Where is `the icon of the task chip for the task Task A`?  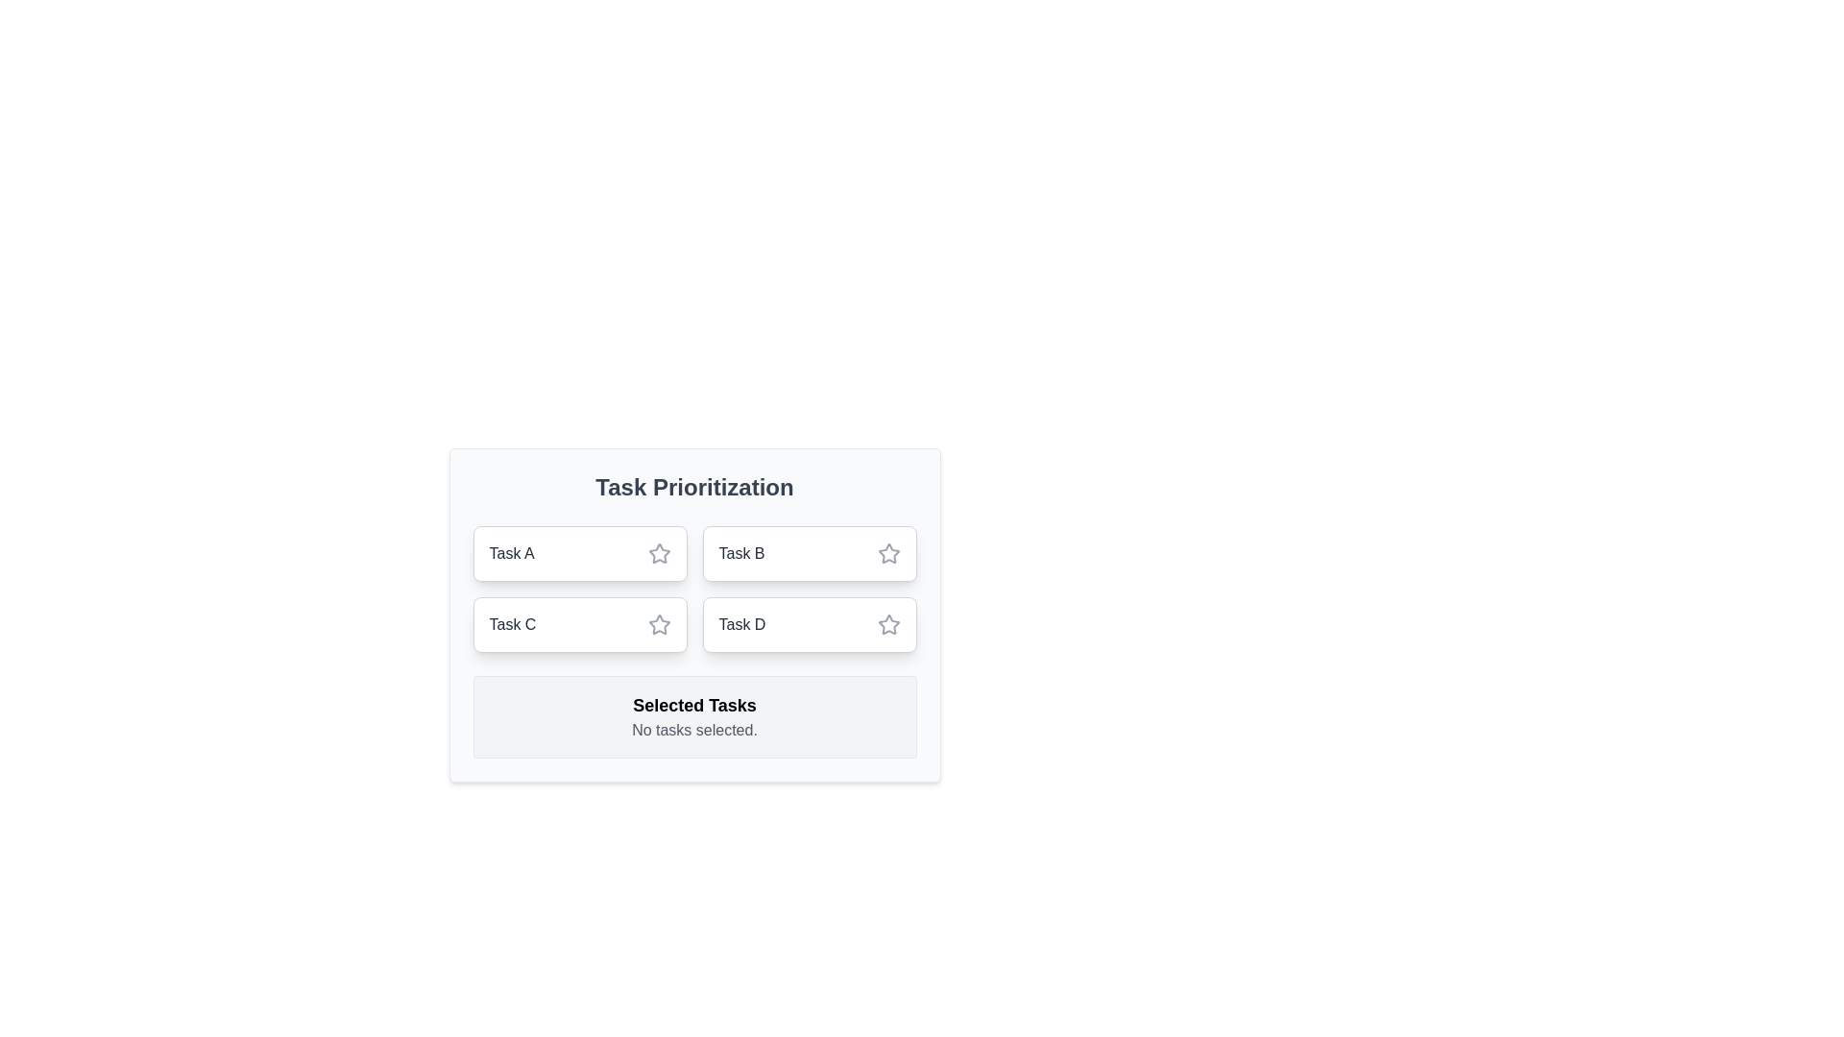
the icon of the task chip for the task Task A is located at coordinates (659, 554).